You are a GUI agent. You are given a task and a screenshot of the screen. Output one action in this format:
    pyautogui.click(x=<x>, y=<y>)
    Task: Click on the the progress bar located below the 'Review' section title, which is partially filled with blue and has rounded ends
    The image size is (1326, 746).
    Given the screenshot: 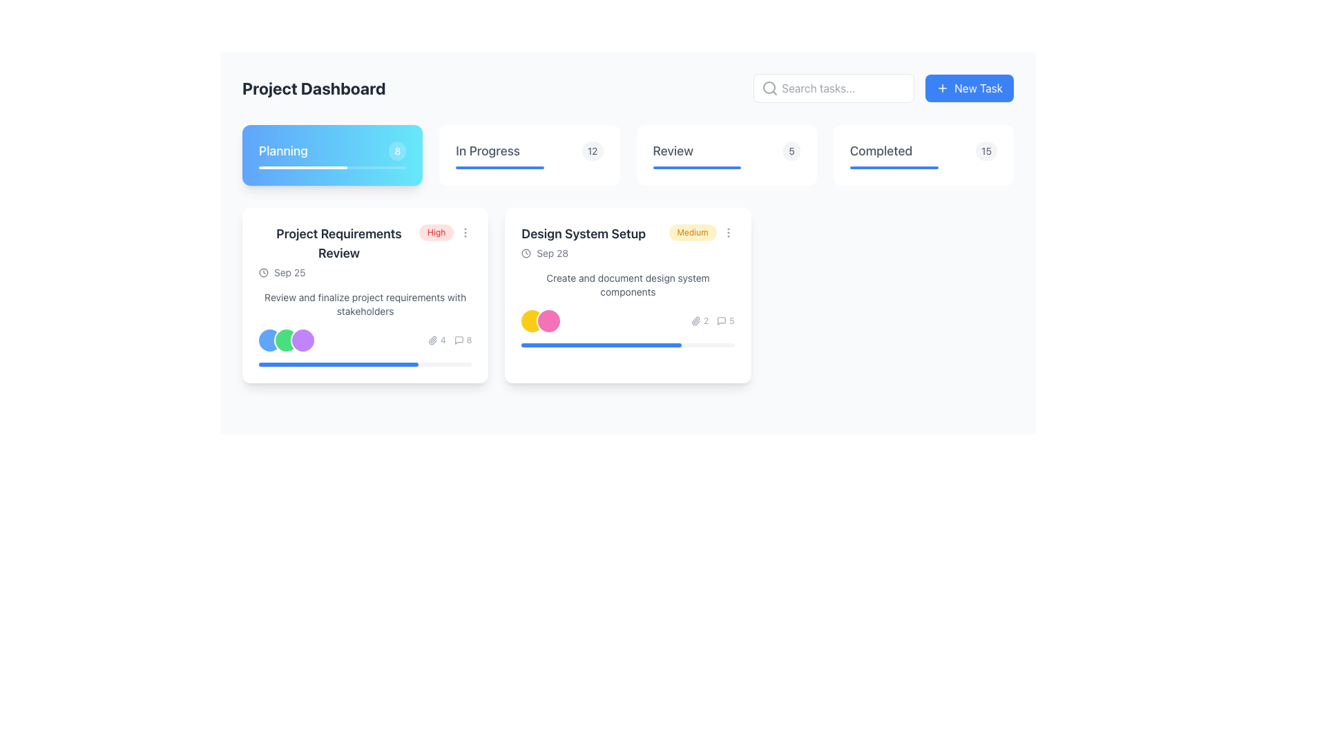 What is the action you would take?
    pyautogui.click(x=726, y=167)
    